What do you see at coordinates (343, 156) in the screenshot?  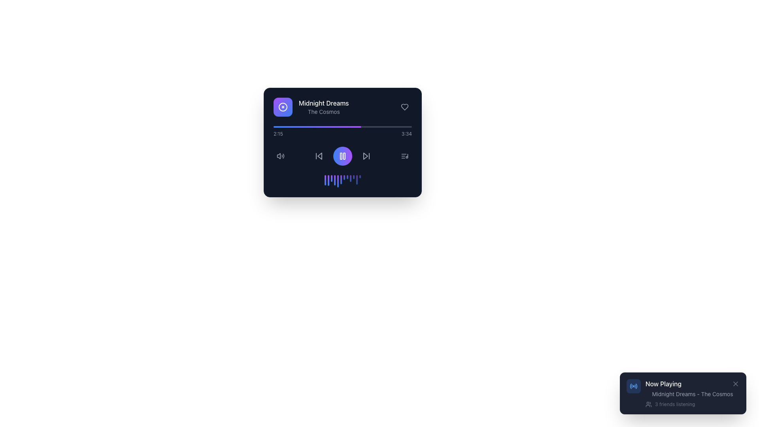 I see `the pause icon button, which is a circular, gradient-filled button located at the bottom middle of the music player interface, featuring a white pause icon styled as two vertical bars` at bounding box center [343, 156].